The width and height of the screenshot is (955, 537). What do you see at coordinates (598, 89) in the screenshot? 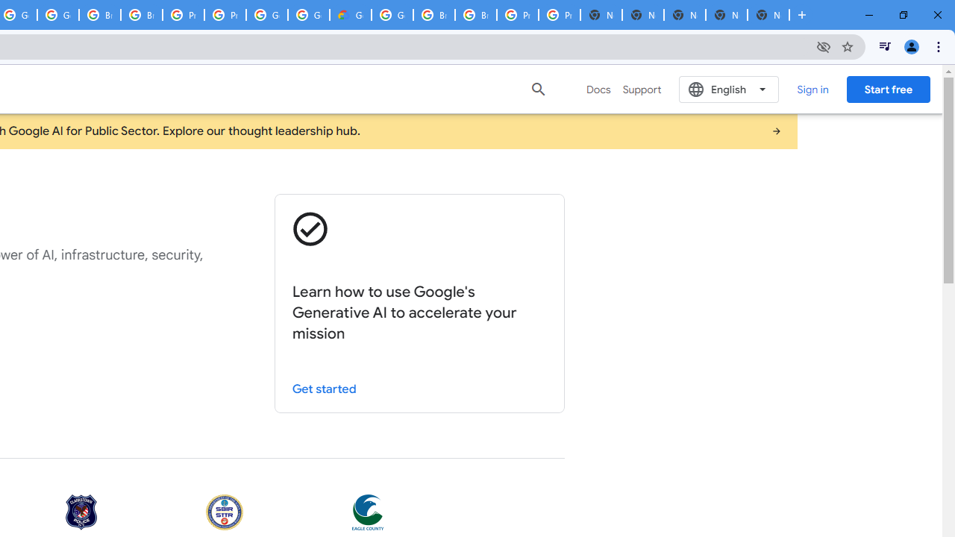
I see `'Docs'` at bounding box center [598, 89].